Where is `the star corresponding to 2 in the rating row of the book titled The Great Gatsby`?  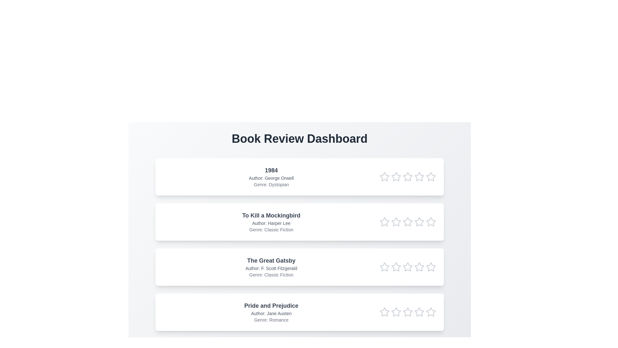
the star corresponding to 2 in the rating row of the book titled The Great Gatsby is located at coordinates (396, 267).